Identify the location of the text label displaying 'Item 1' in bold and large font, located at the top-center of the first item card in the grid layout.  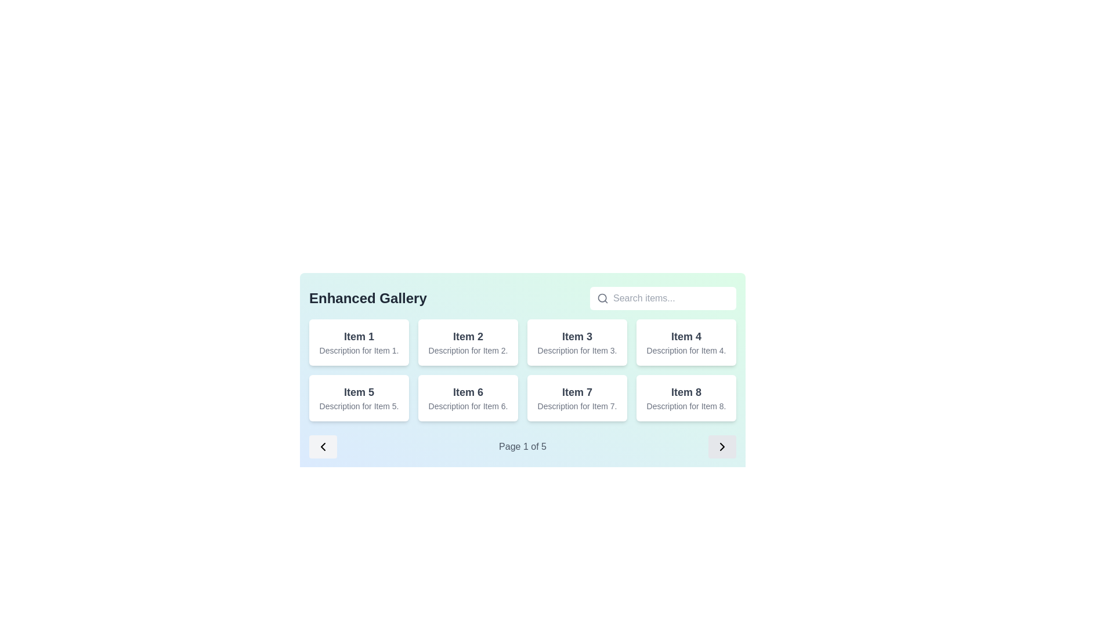
(359, 337).